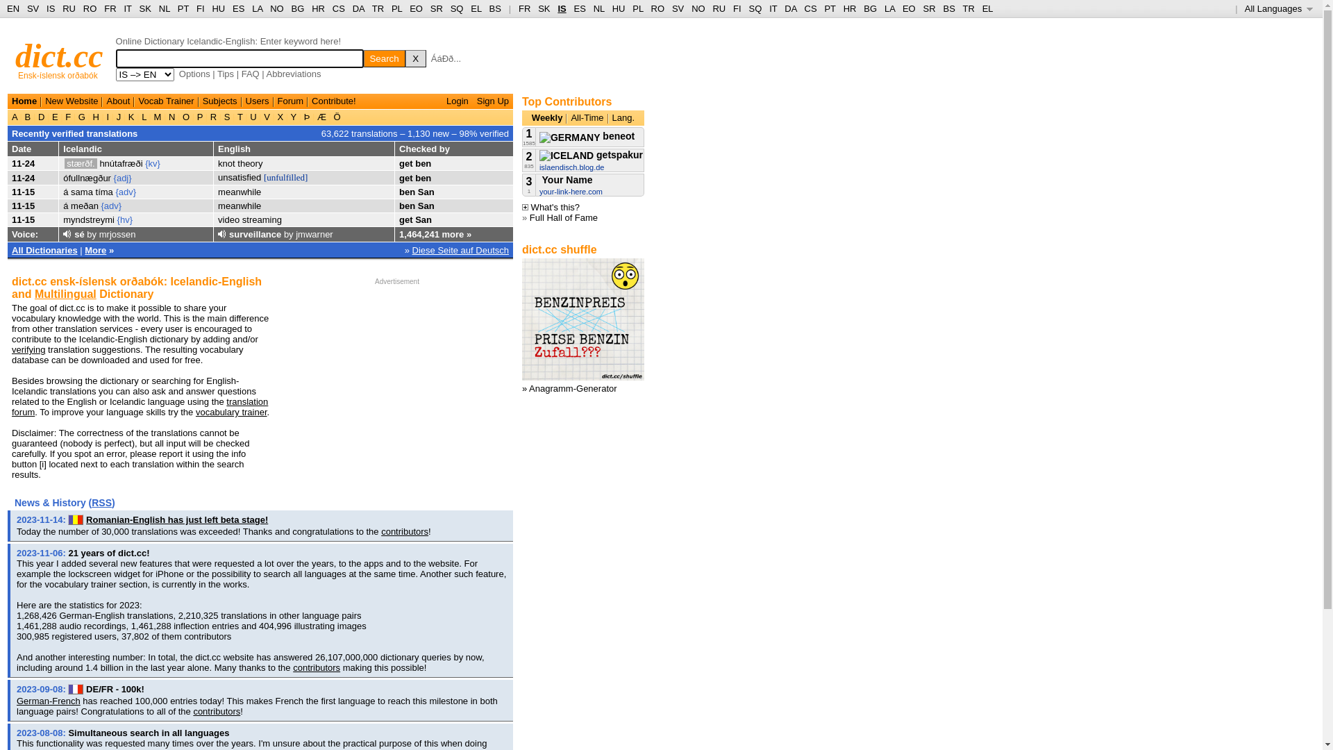 The height and width of the screenshot is (750, 1333). What do you see at coordinates (131, 116) in the screenshot?
I see `'K'` at bounding box center [131, 116].